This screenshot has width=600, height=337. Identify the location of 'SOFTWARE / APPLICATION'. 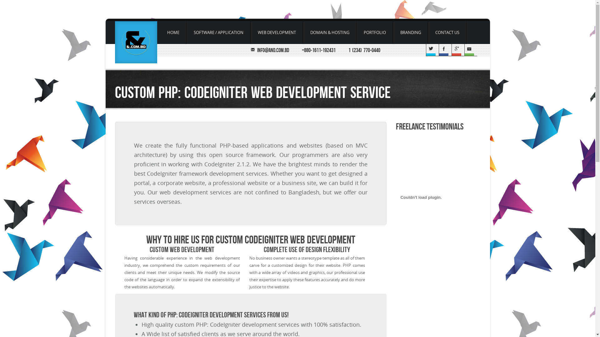
(219, 32).